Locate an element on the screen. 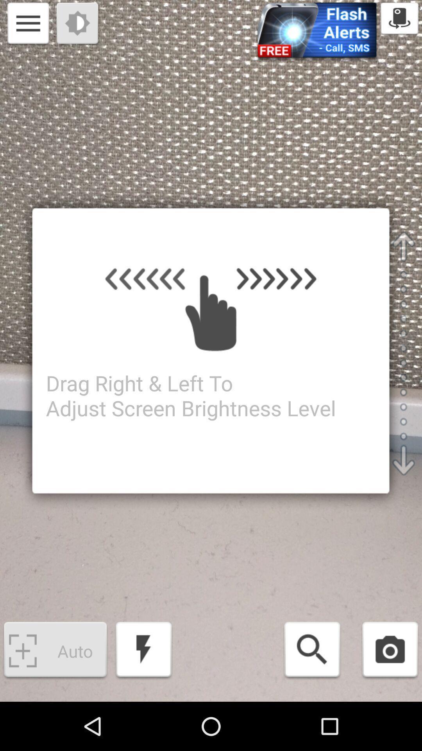 The height and width of the screenshot is (751, 422). flash-alerts option is located at coordinates (317, 32).